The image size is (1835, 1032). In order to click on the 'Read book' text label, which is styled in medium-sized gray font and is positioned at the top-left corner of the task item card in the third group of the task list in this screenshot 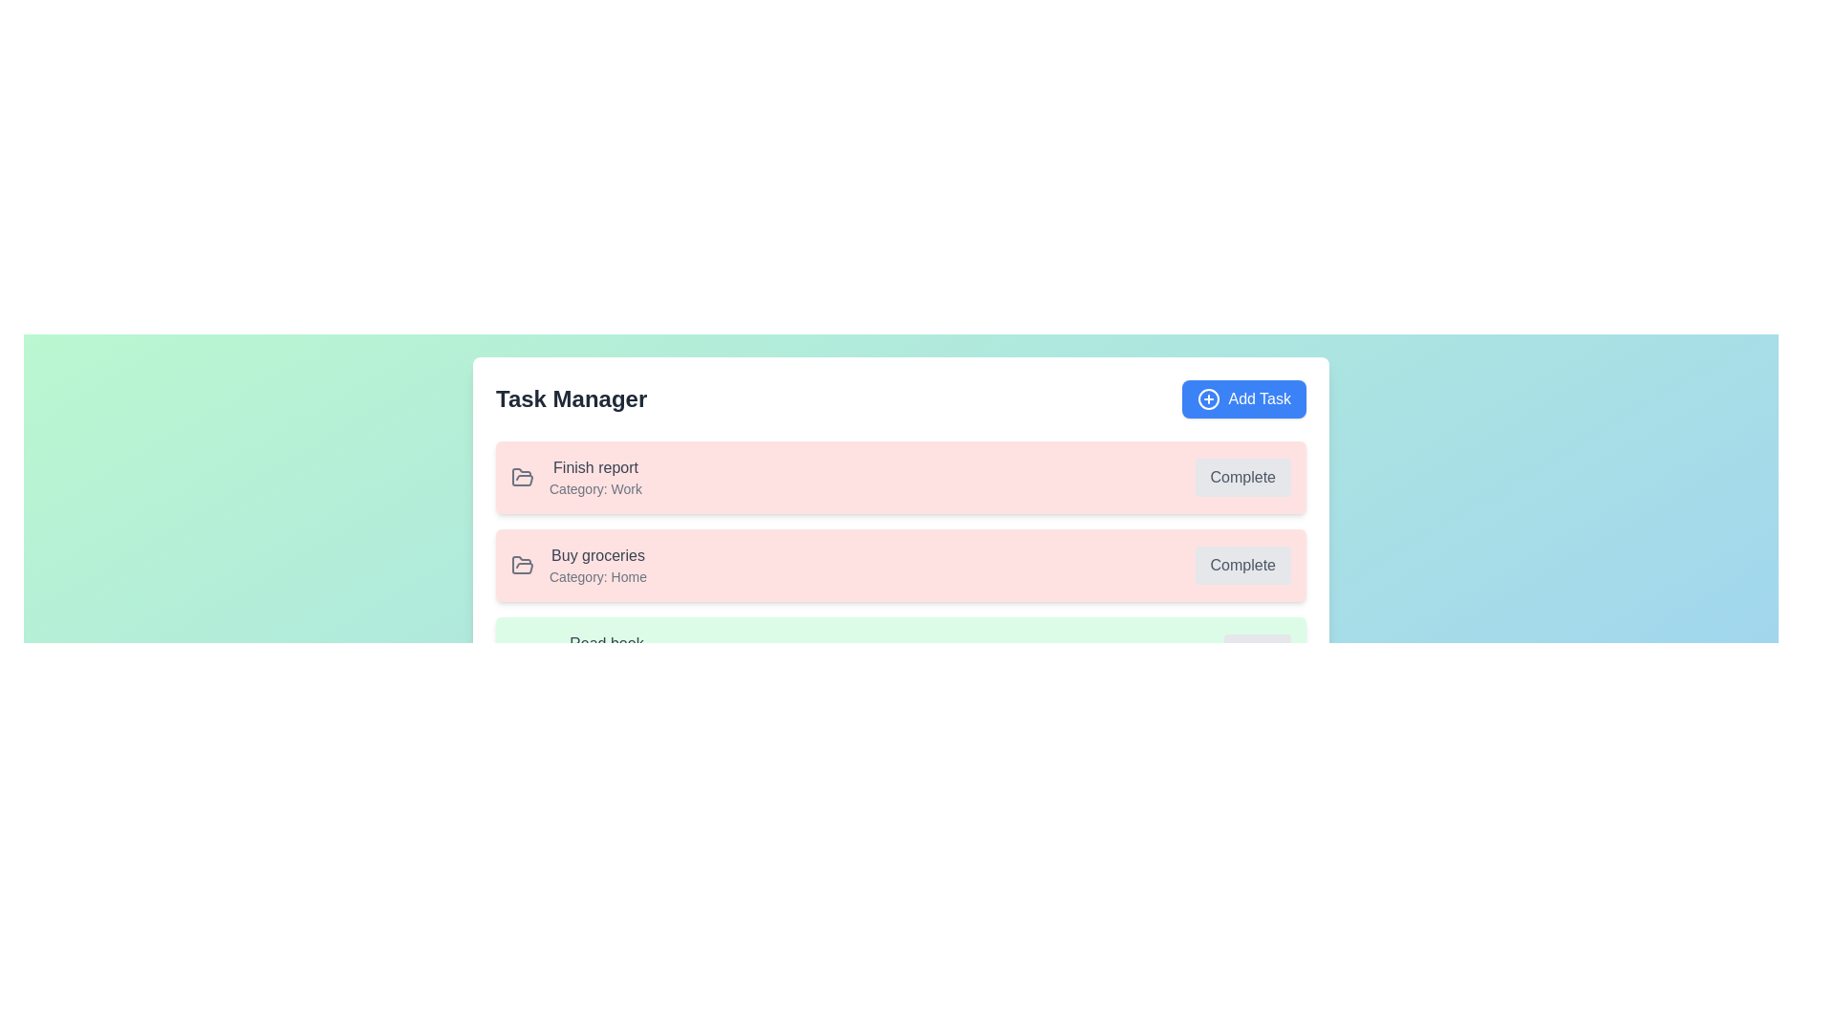, I will do `click(605, 644)`.